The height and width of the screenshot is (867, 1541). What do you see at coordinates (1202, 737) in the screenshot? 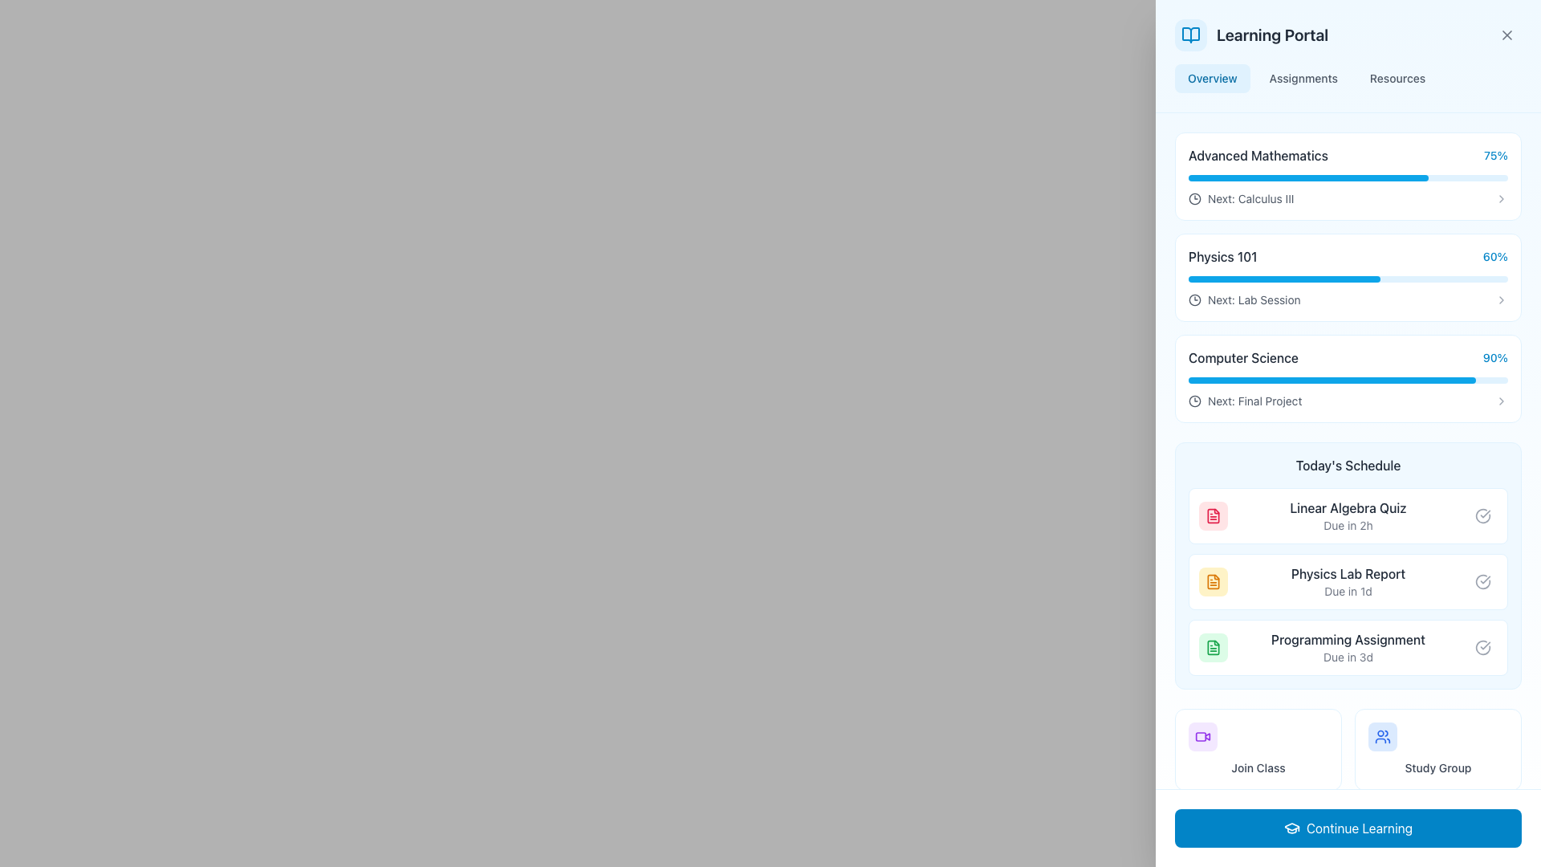
I see `the video conferencing icon button located on the bottom panel of the interface` at bounding box center [1202, 737].